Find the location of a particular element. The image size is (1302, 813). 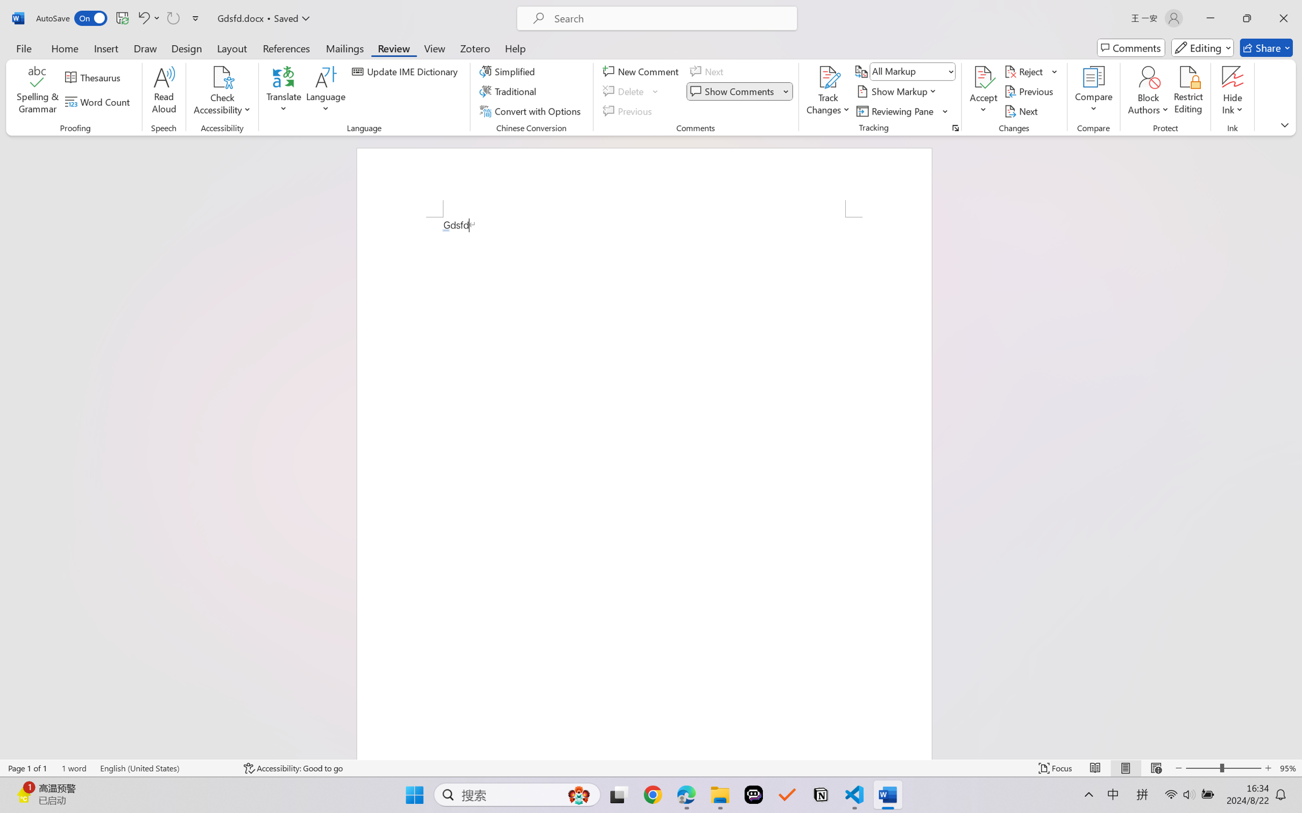

'Convert with Options...' is located at coordinates (531, 111).